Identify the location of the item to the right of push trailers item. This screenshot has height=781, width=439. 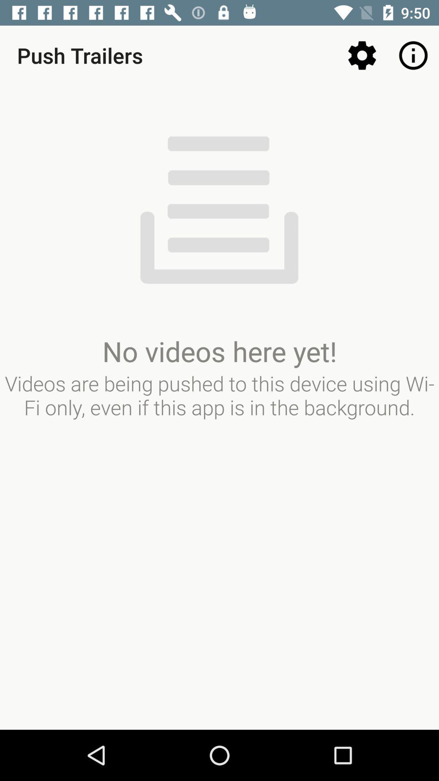
(362, 55).